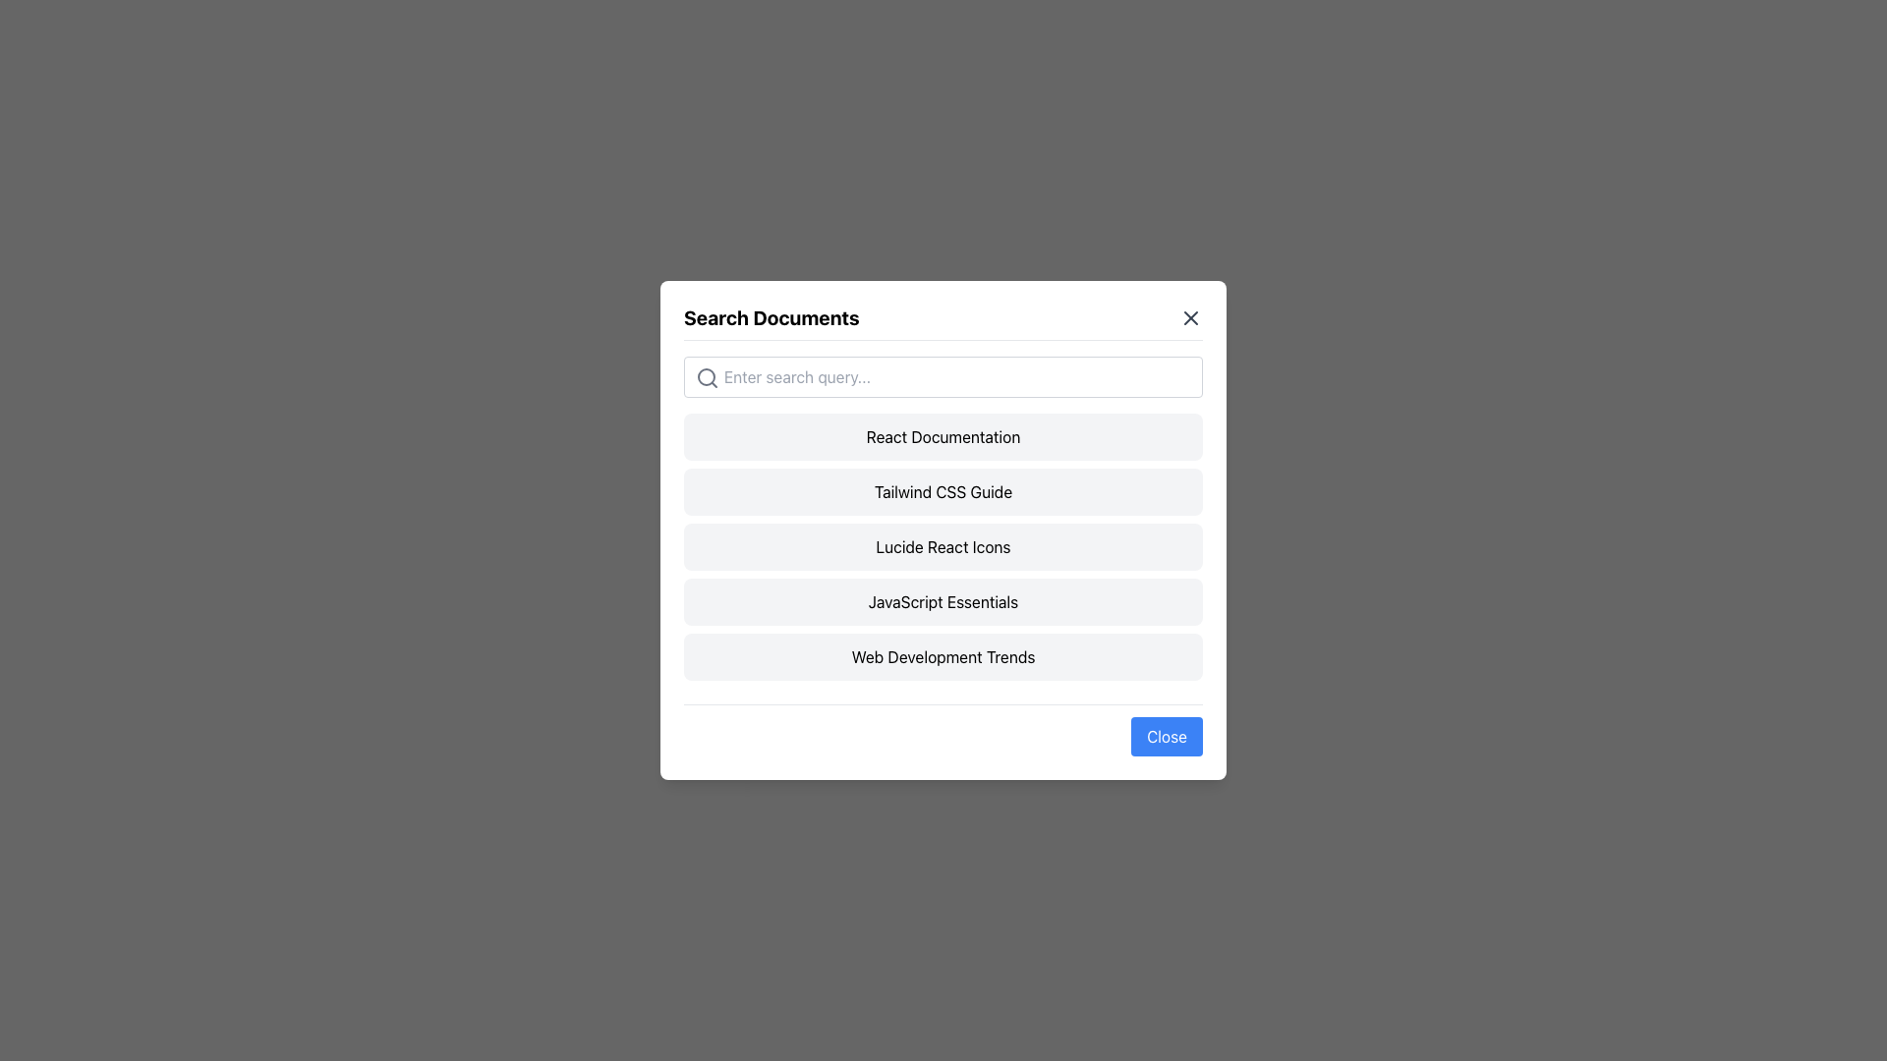 This screenshot has height=1061, width=1887. I want to click on the circular graphical component within the search icon, which represents a magnifying glass, located at the left side of the search field, so click(707, 377).